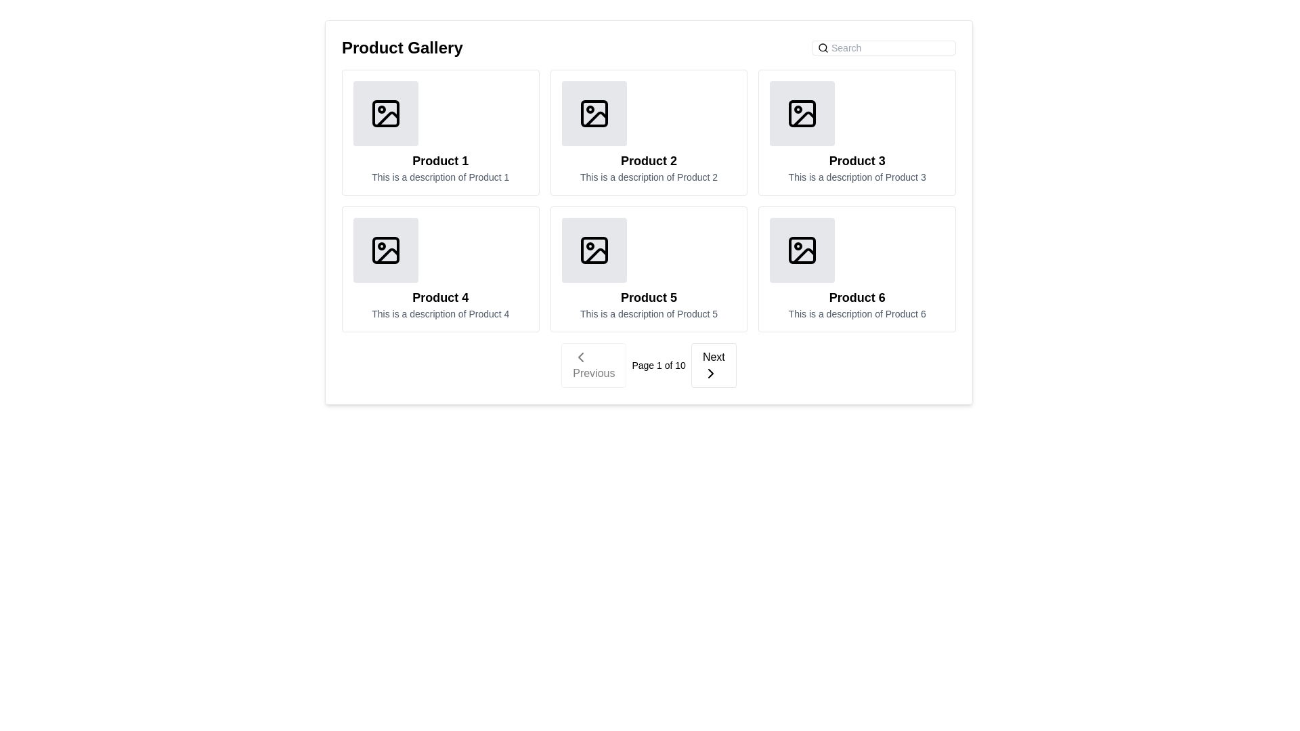  What do you see at coordinates (440, 160) in the screenshot?
I see `the text label that identifies the product as 'Product 1', located at the top-left corner of the first product card in the grid layout` at bounding box center [440, 160].